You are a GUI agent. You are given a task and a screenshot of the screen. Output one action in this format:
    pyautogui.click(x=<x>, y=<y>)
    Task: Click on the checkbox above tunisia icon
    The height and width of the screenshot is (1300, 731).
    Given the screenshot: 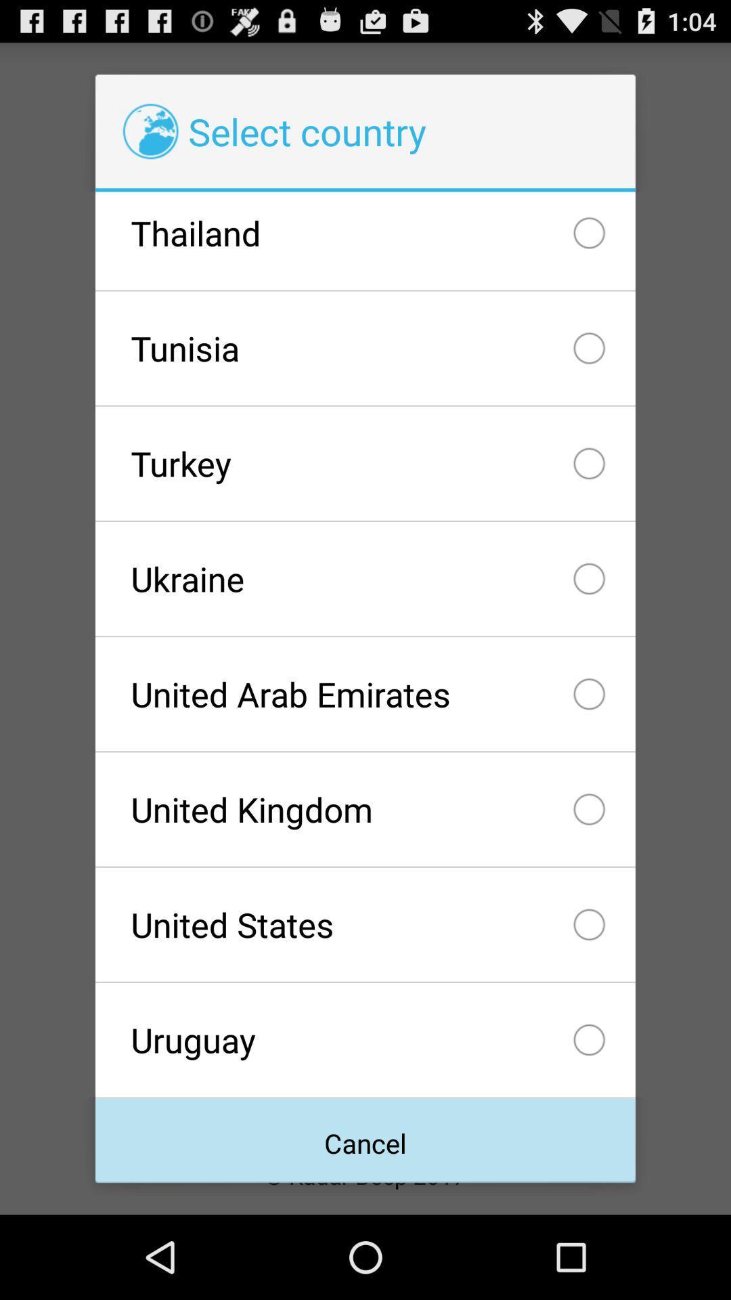 What is the action you would take?
    pyautogui.click(x=365, y=240)
    